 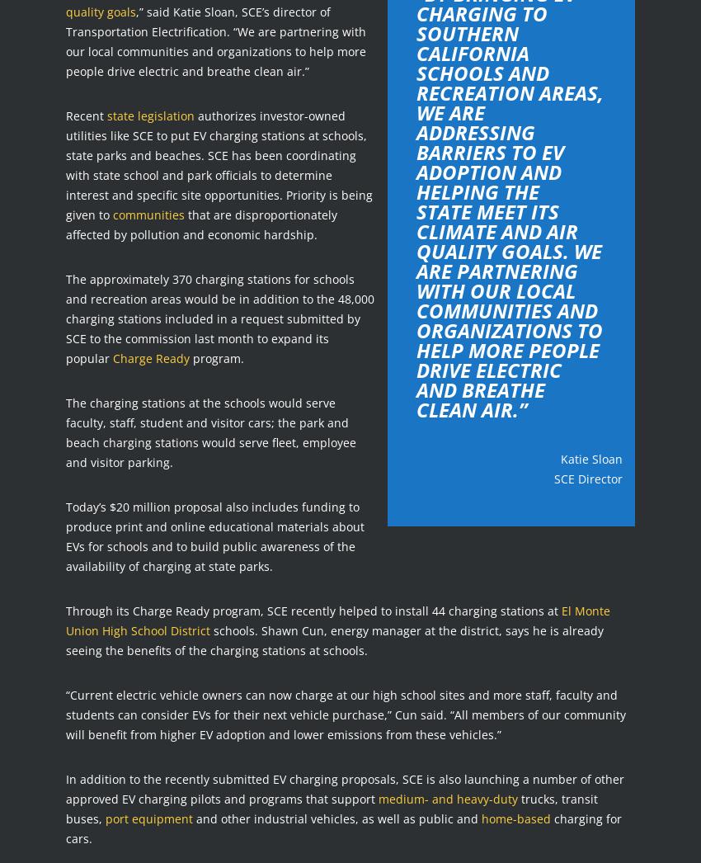 I want to click on 'medium- and heavy-duty', so click(x=447, y=797).